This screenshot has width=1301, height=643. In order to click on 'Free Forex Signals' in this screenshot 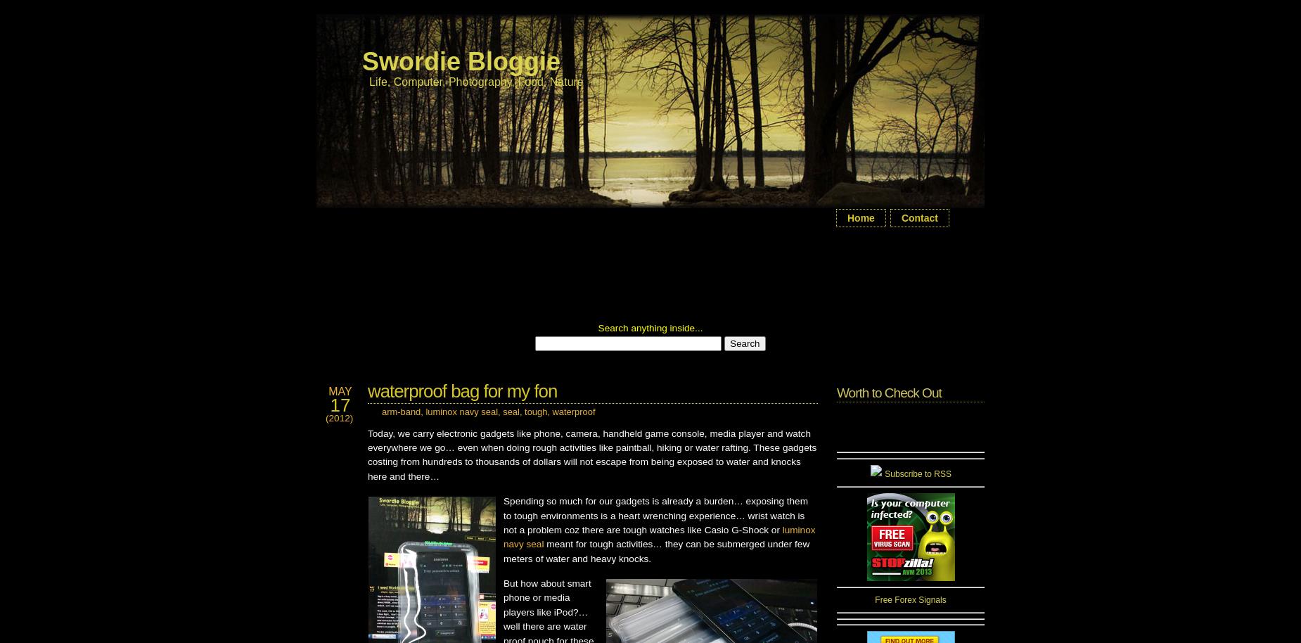, I will do `click(909, 599)`.